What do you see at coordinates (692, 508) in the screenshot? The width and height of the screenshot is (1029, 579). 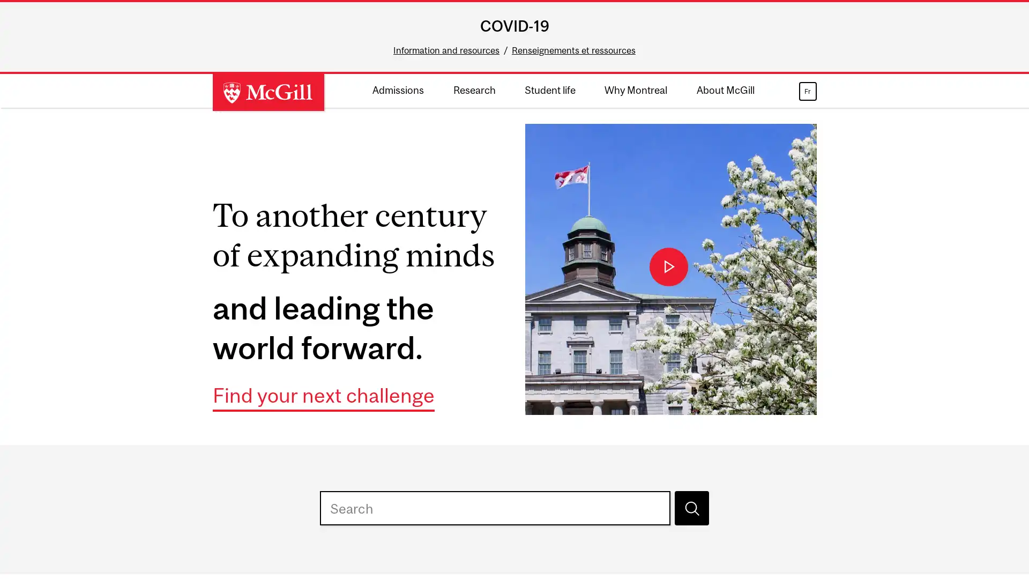 I see `Search` at bounding box center [692, 508].